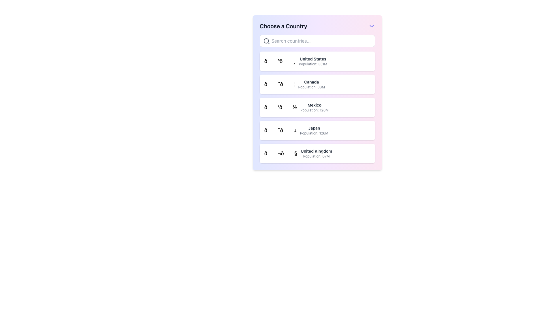 The height and width of the screenshot is (311, 554). What do you see at coordinates (316, 151) in the screenshot?
I see `the Text Label that represents the name of a country, which is located above the 'Population: 67M' text in the last listed item of a vertically stacked list of countries` at bounding box center [316, 151].